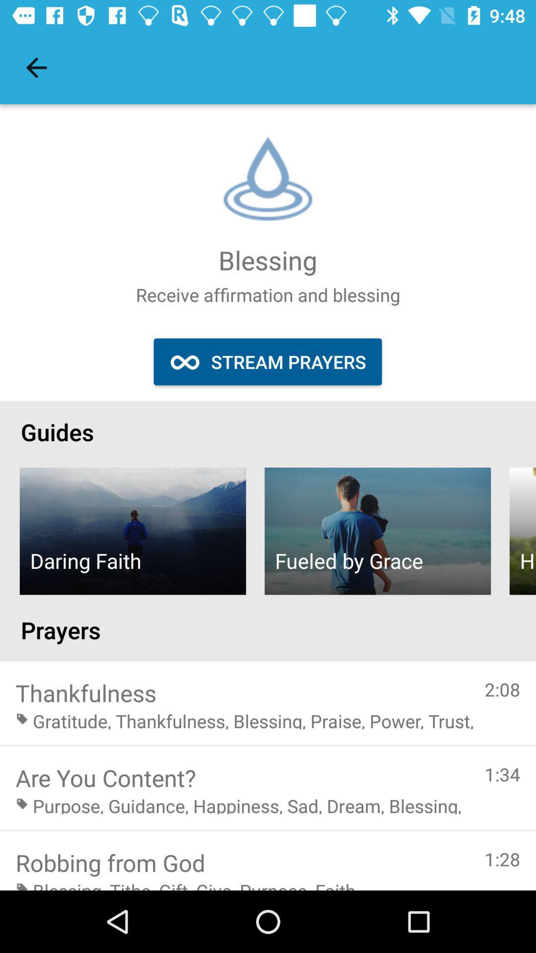 This screenshot has width=536, height=953. I want to click on the item above the guides item, so click(36, 67).